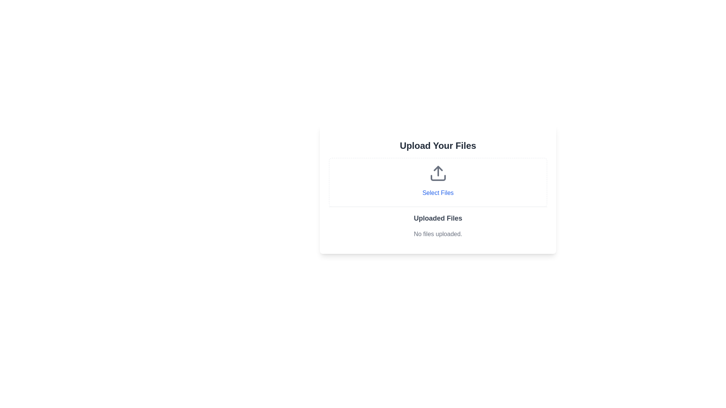 The width and height of the screenshot is (726, 408). Describe the element at coordinates (438, 145) in the screenshot. I see `static text header displaying 'Upload Your Files' located at the top of the section` at that location.